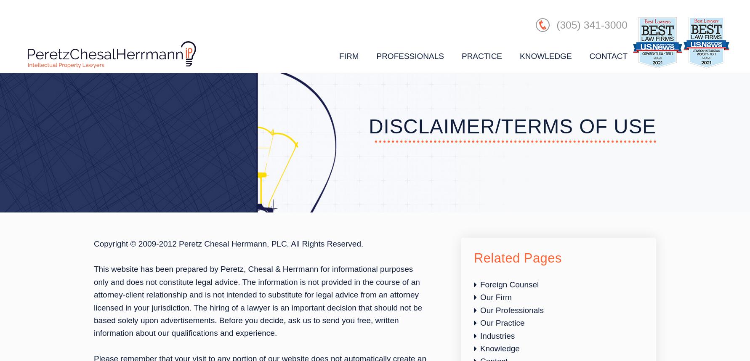 This screenshot has width=750, height=361. I want to click on 'Disclaimer/Terms of Use', so click(512, 126).